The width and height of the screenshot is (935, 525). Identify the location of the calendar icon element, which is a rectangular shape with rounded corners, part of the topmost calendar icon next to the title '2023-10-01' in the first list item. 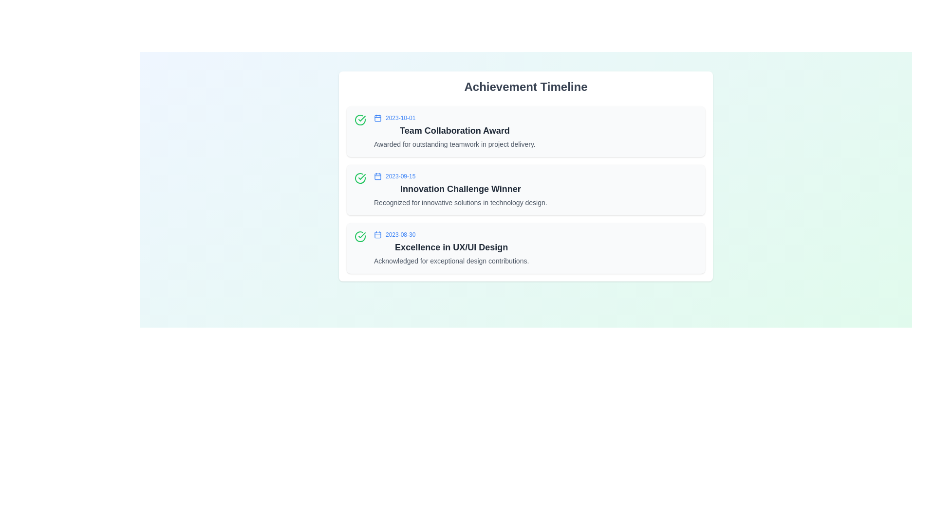
(377, 118).